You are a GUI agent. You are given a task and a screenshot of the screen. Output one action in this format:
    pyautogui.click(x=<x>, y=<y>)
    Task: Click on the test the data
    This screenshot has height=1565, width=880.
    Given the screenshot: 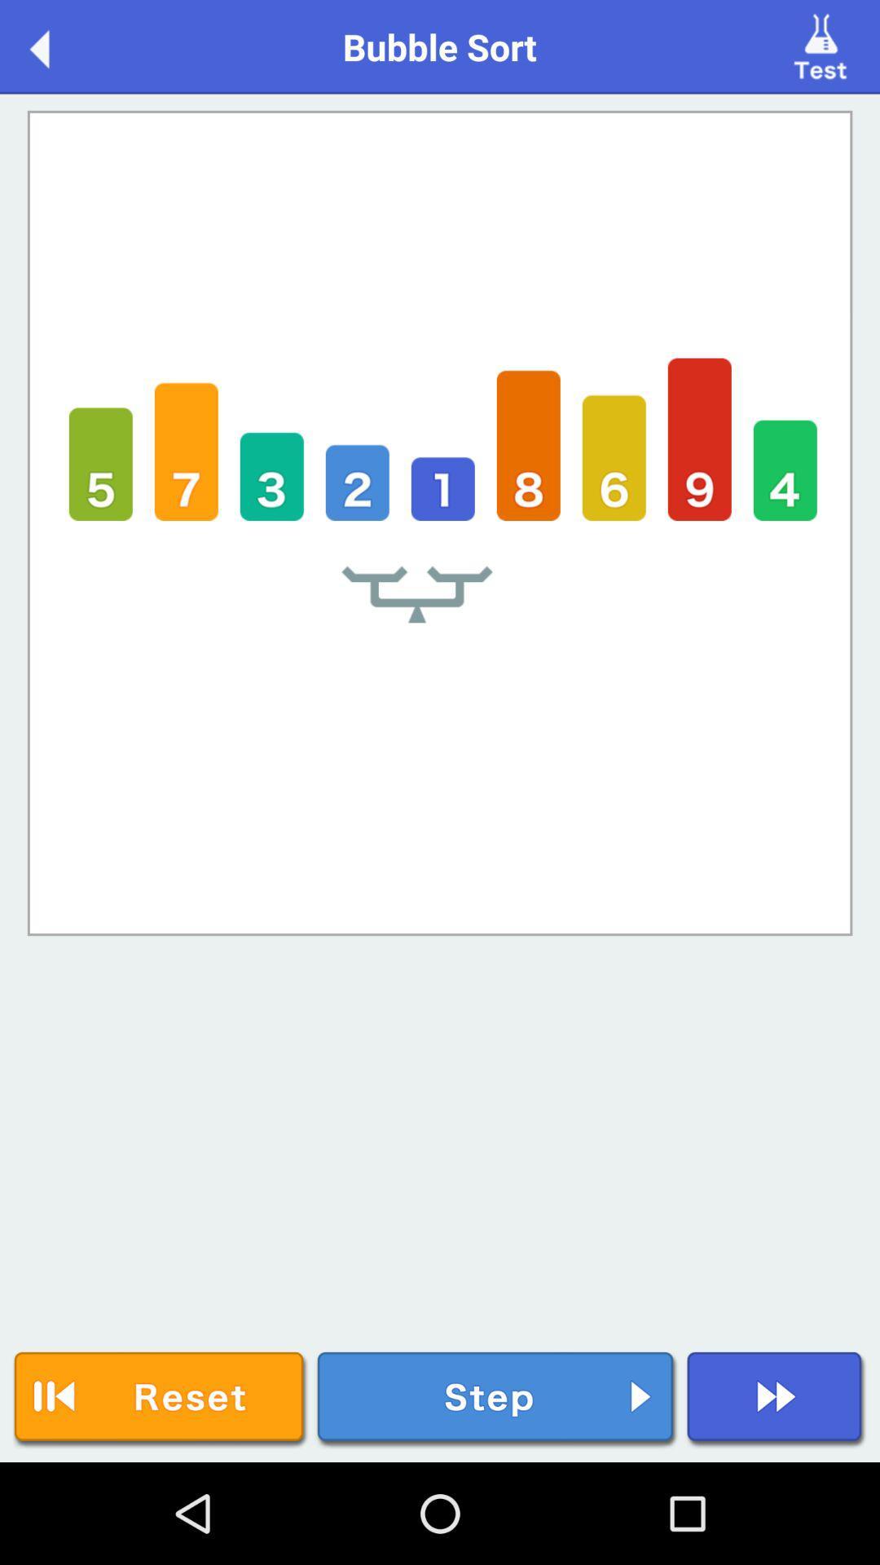 What is the action you would take?
    pyautogui.click(x=823, y=46)
    